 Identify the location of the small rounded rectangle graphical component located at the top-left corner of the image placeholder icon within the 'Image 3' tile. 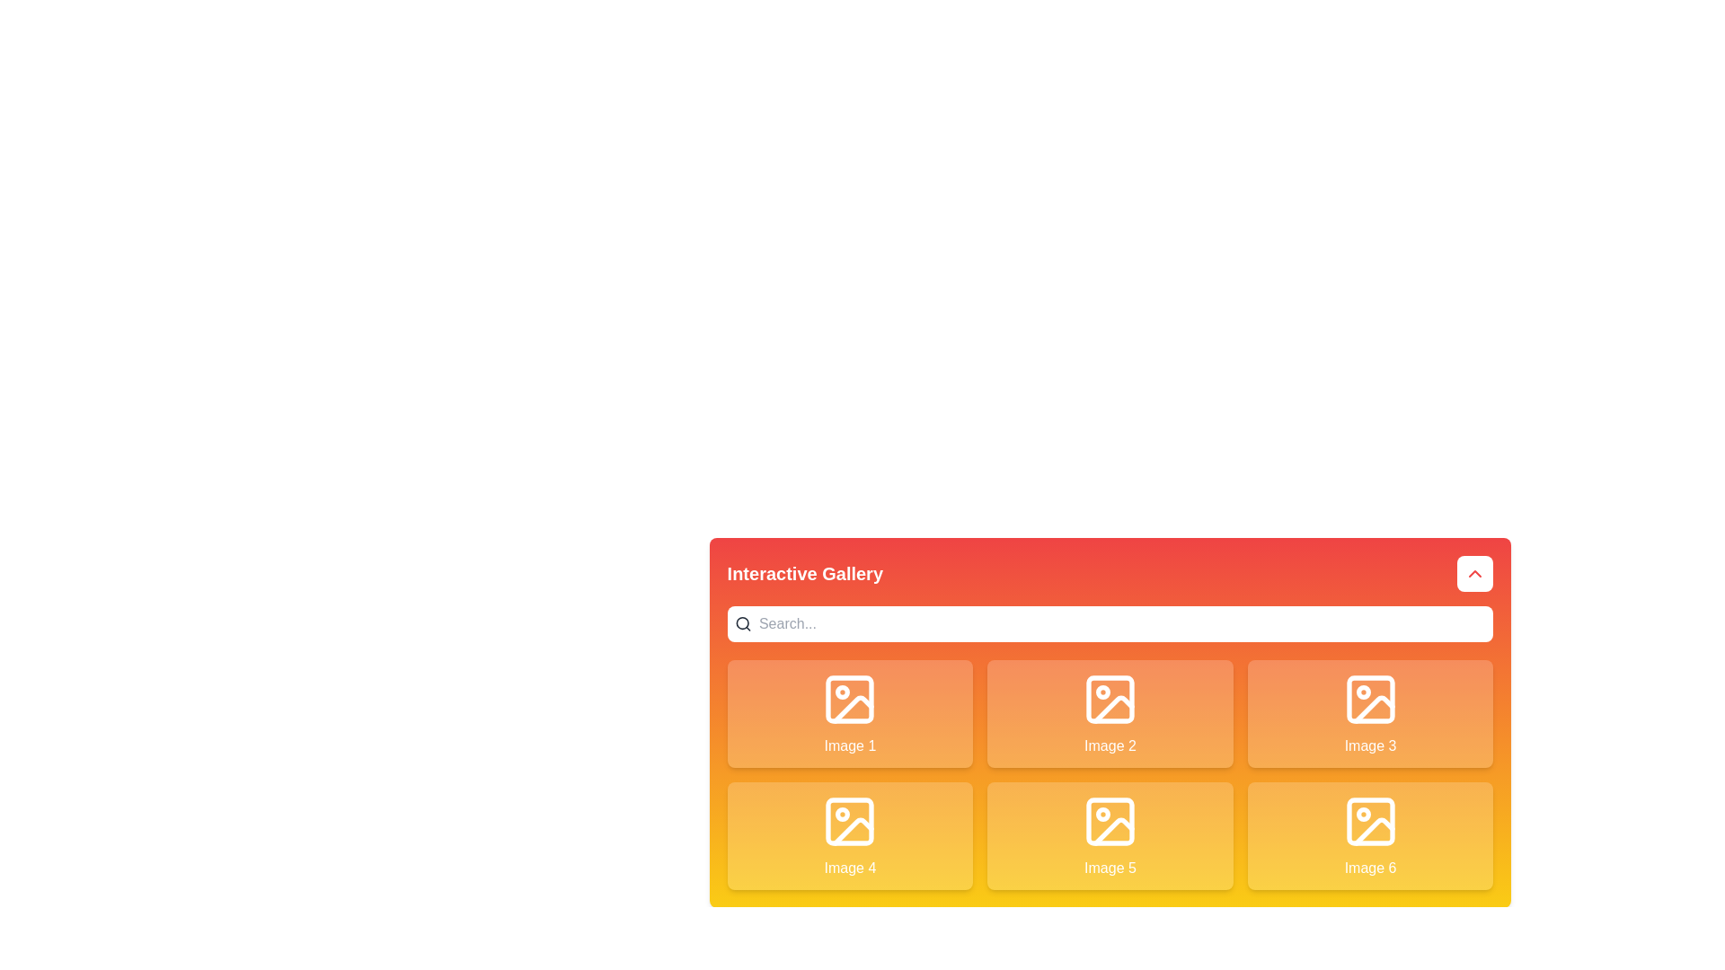
(1369, 699).